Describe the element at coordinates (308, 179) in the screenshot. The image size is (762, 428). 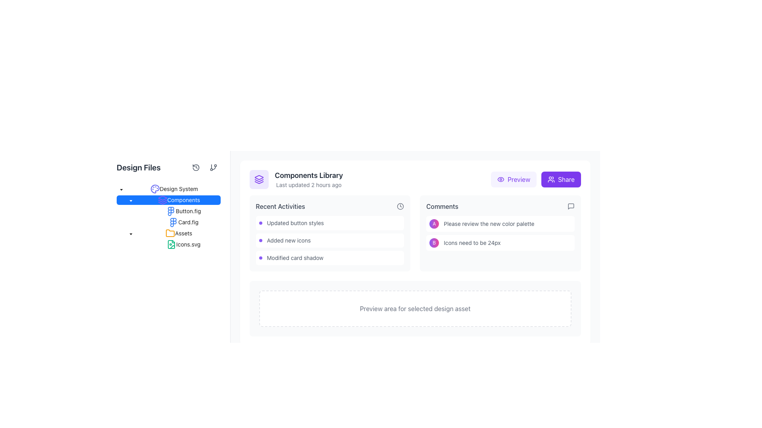
I see `the textual label displaying 'Components Library' which is bold and larger in dark gray color, located at the upper-center of the interface` at that location.